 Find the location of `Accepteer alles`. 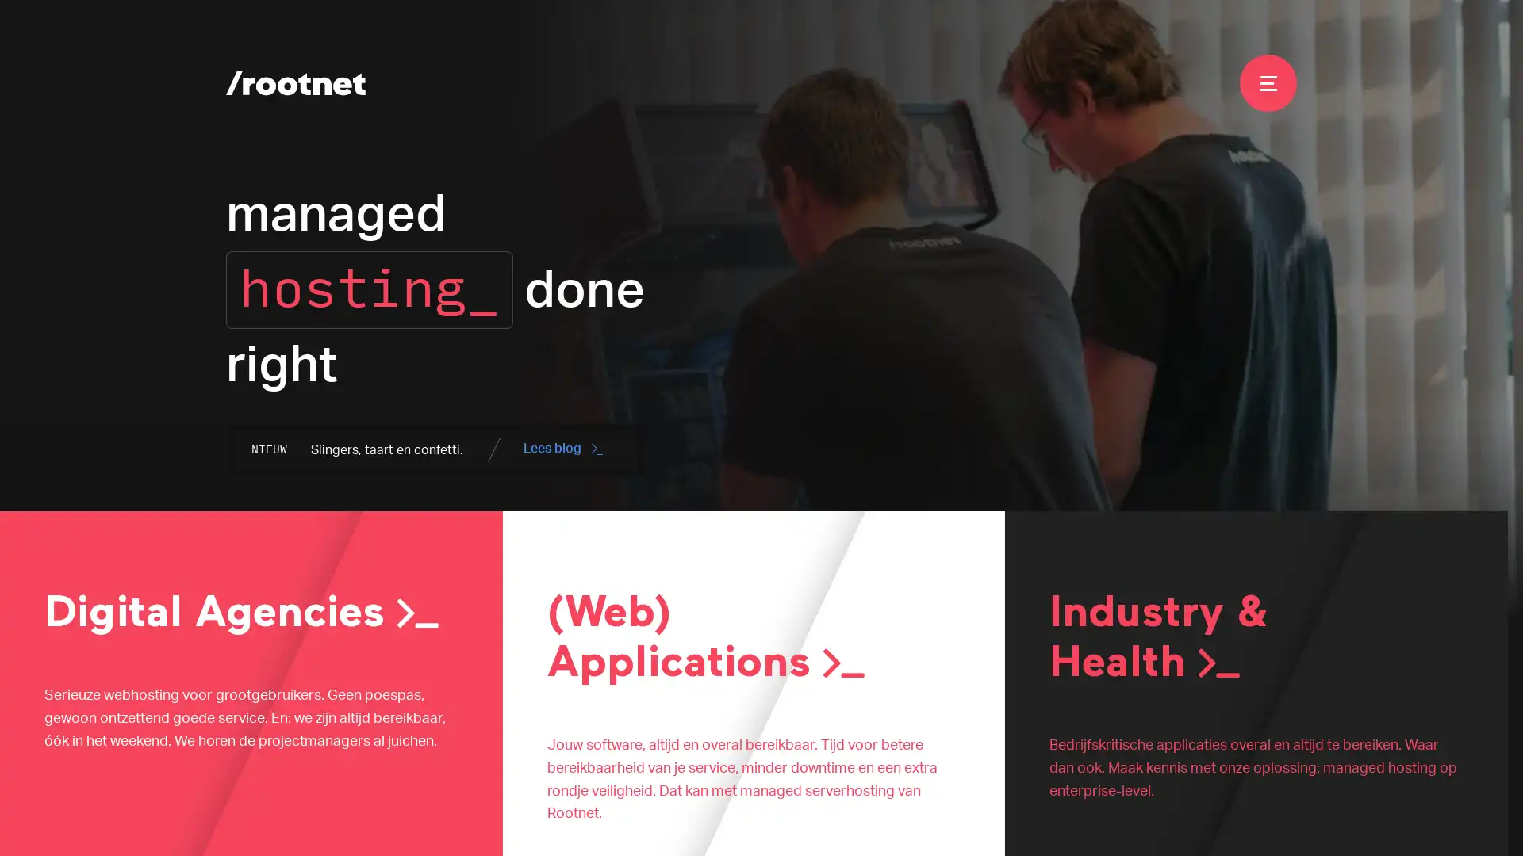

Accepteer alles is located at coordinates (1439, 824).